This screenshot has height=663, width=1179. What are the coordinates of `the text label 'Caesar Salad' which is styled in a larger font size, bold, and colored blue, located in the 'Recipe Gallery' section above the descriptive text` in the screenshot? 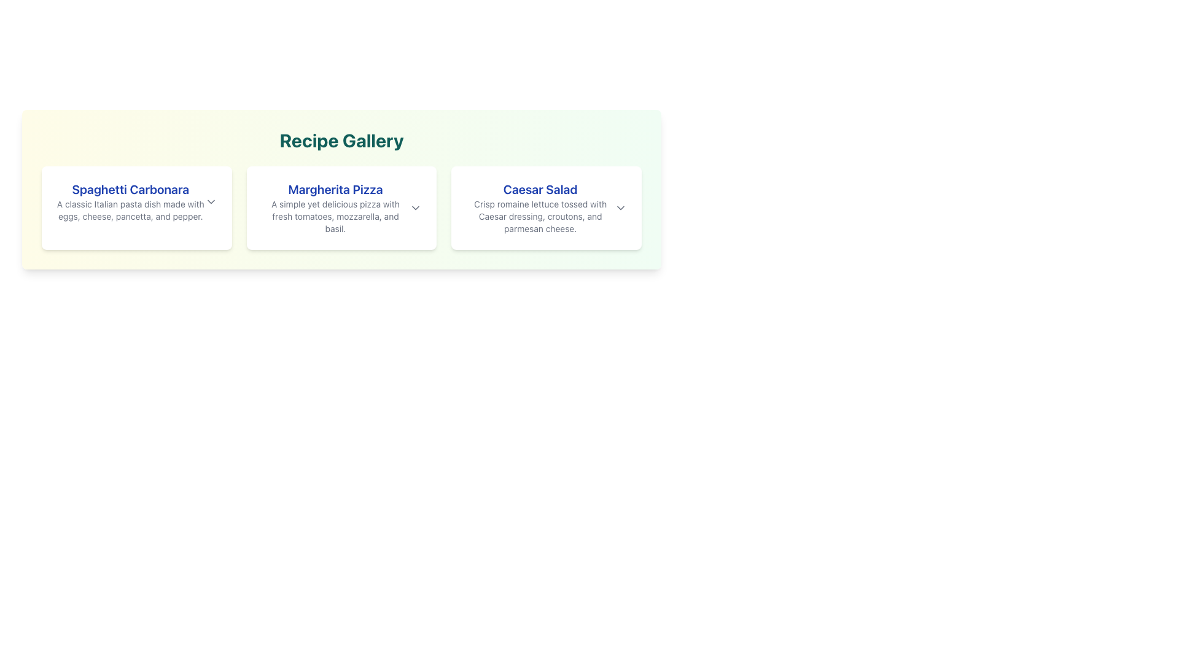 It's located at (540, 189).